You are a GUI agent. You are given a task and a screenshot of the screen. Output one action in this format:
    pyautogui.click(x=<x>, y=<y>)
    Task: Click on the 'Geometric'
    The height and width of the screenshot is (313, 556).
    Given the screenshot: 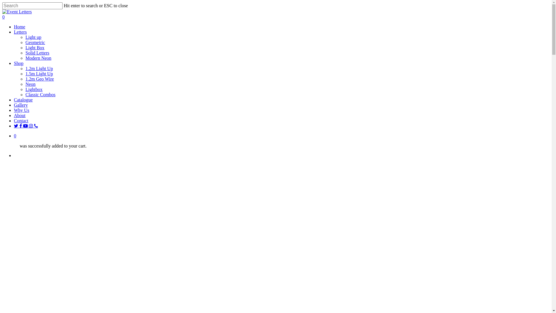 What is the action you would take?
    pyautogui.click(x=25, y=42)
    